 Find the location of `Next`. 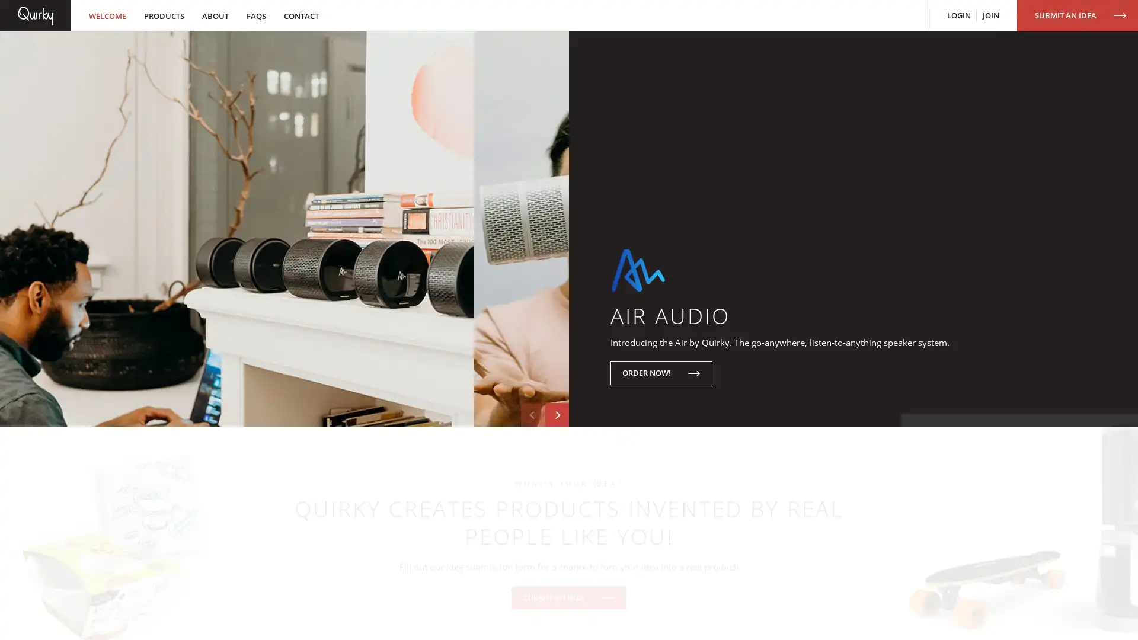

Next is located at coordinates (557, 494).